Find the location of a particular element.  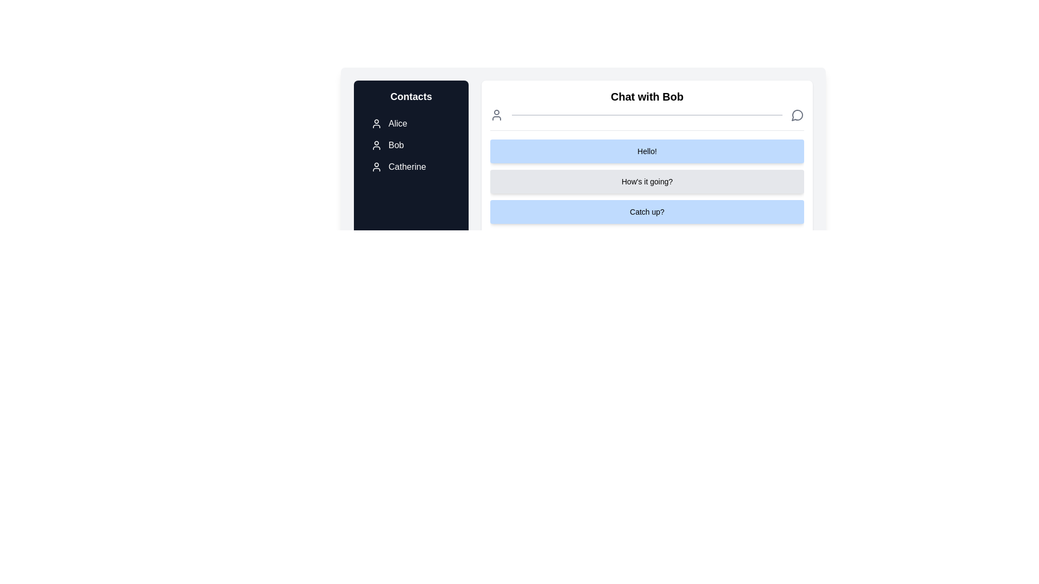

the contact entry labeled 'Bob' in the 'Contacts' sidebar, which is the second item in the list is located at coordinates (410, 145).